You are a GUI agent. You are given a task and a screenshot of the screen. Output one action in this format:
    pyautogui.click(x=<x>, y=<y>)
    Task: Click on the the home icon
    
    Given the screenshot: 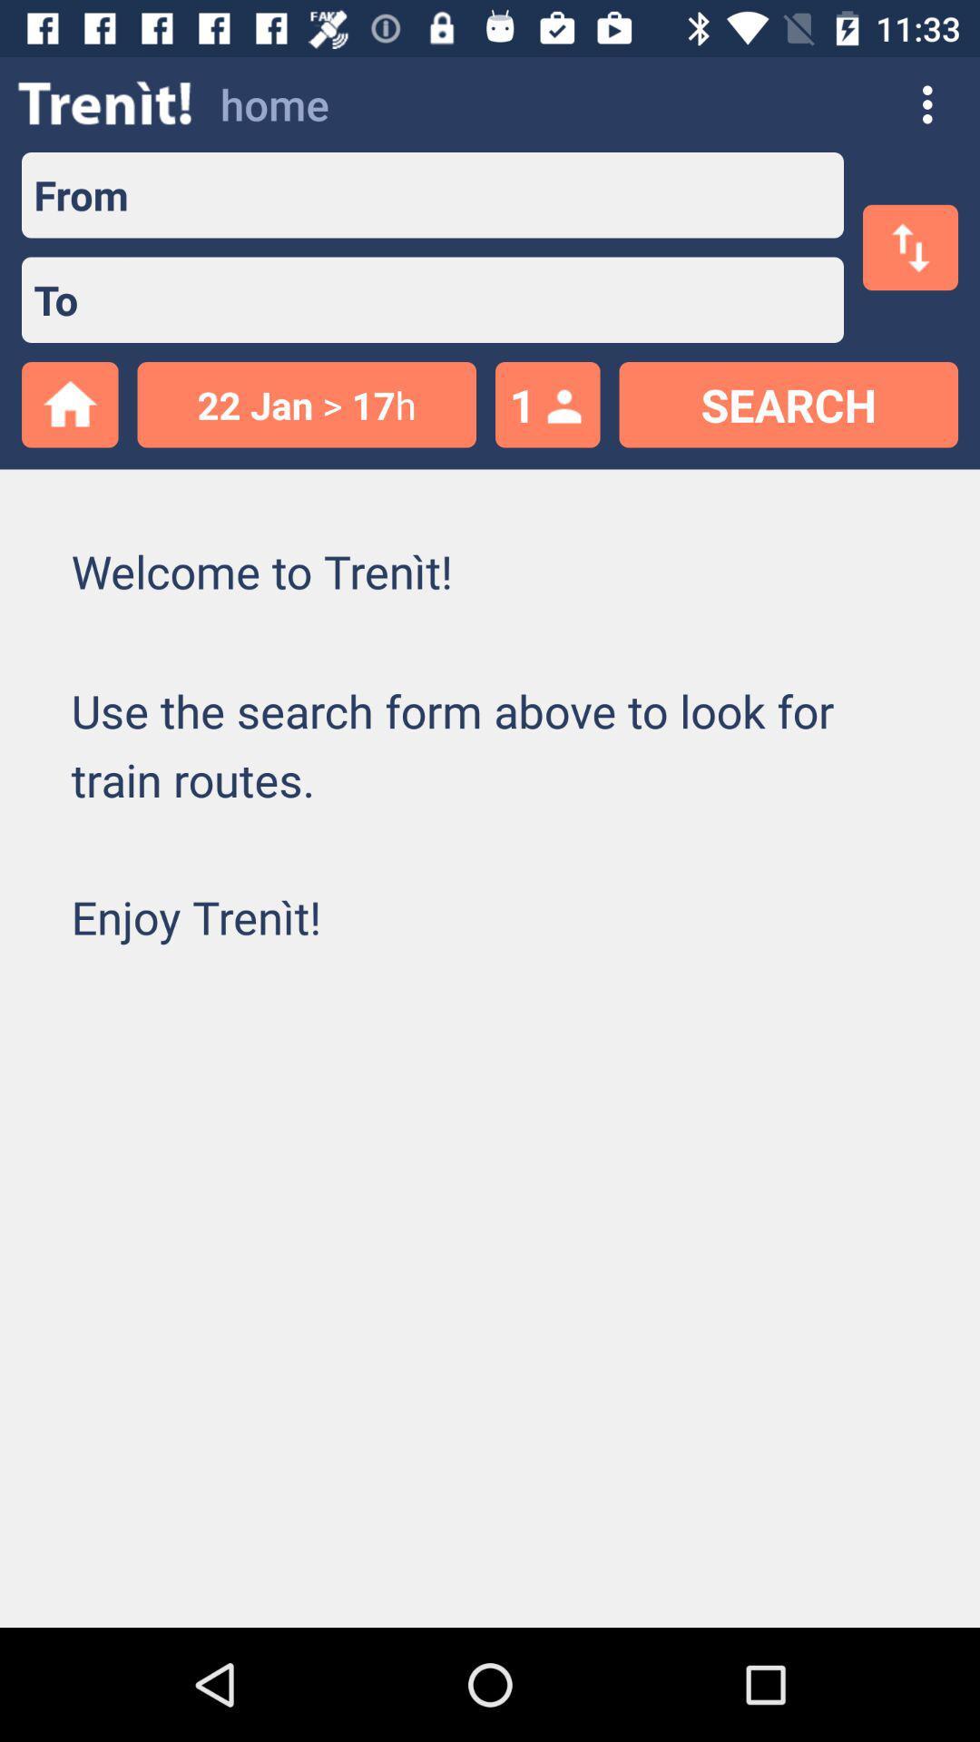 What is the action you would take?
    pyautogui.click(x=69, y=404)
    